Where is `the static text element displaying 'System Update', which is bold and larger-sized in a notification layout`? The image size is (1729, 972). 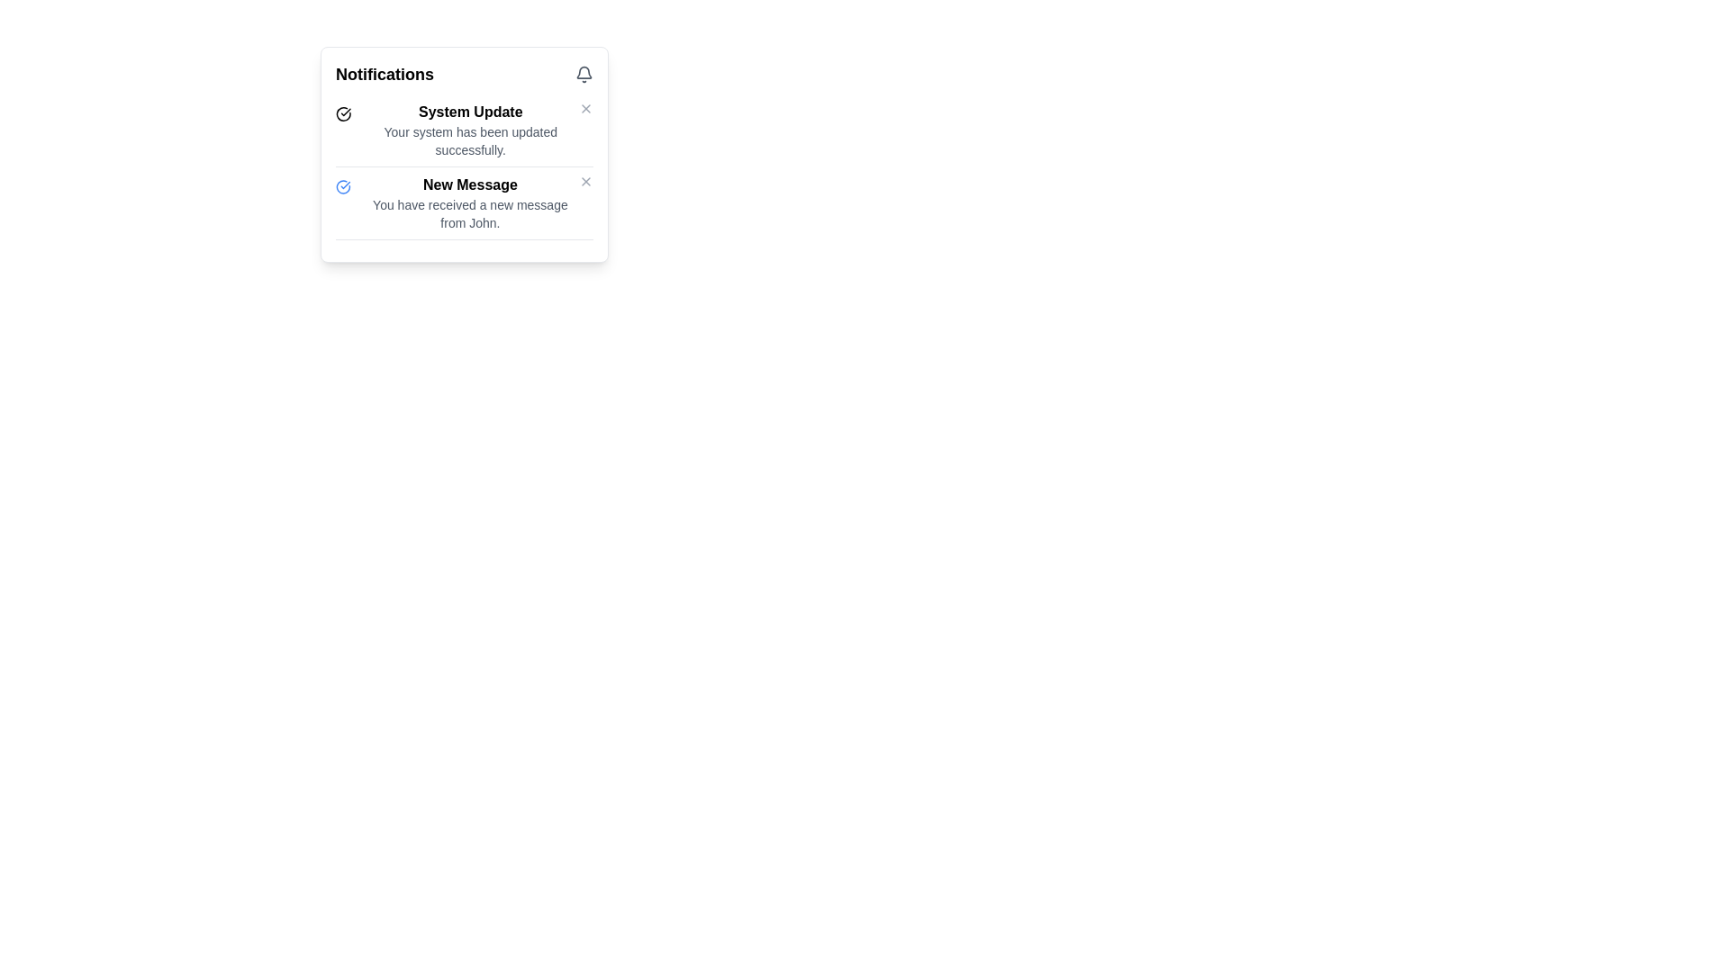
the static text element displaying 'System Update', which is bold and larger-sized in a notification layout is located at coordinates (470, 112).